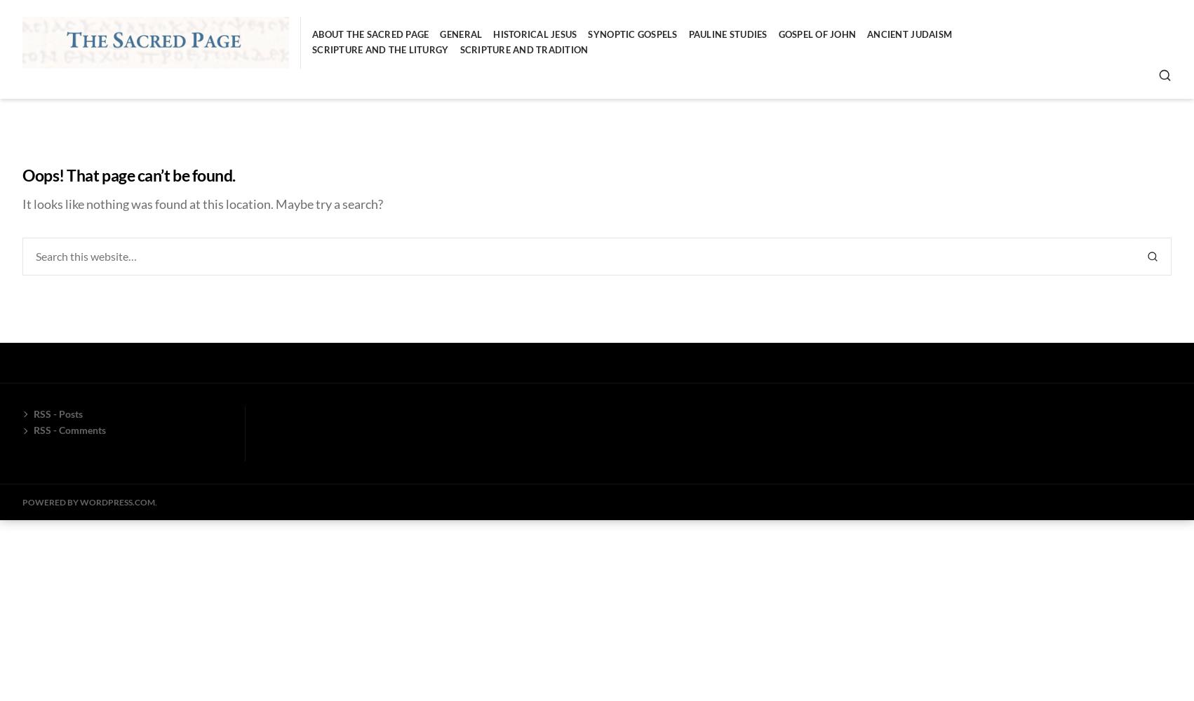 The width and height of the screenshot is (1194, 701). I want to click on '.', so click(155, 501).